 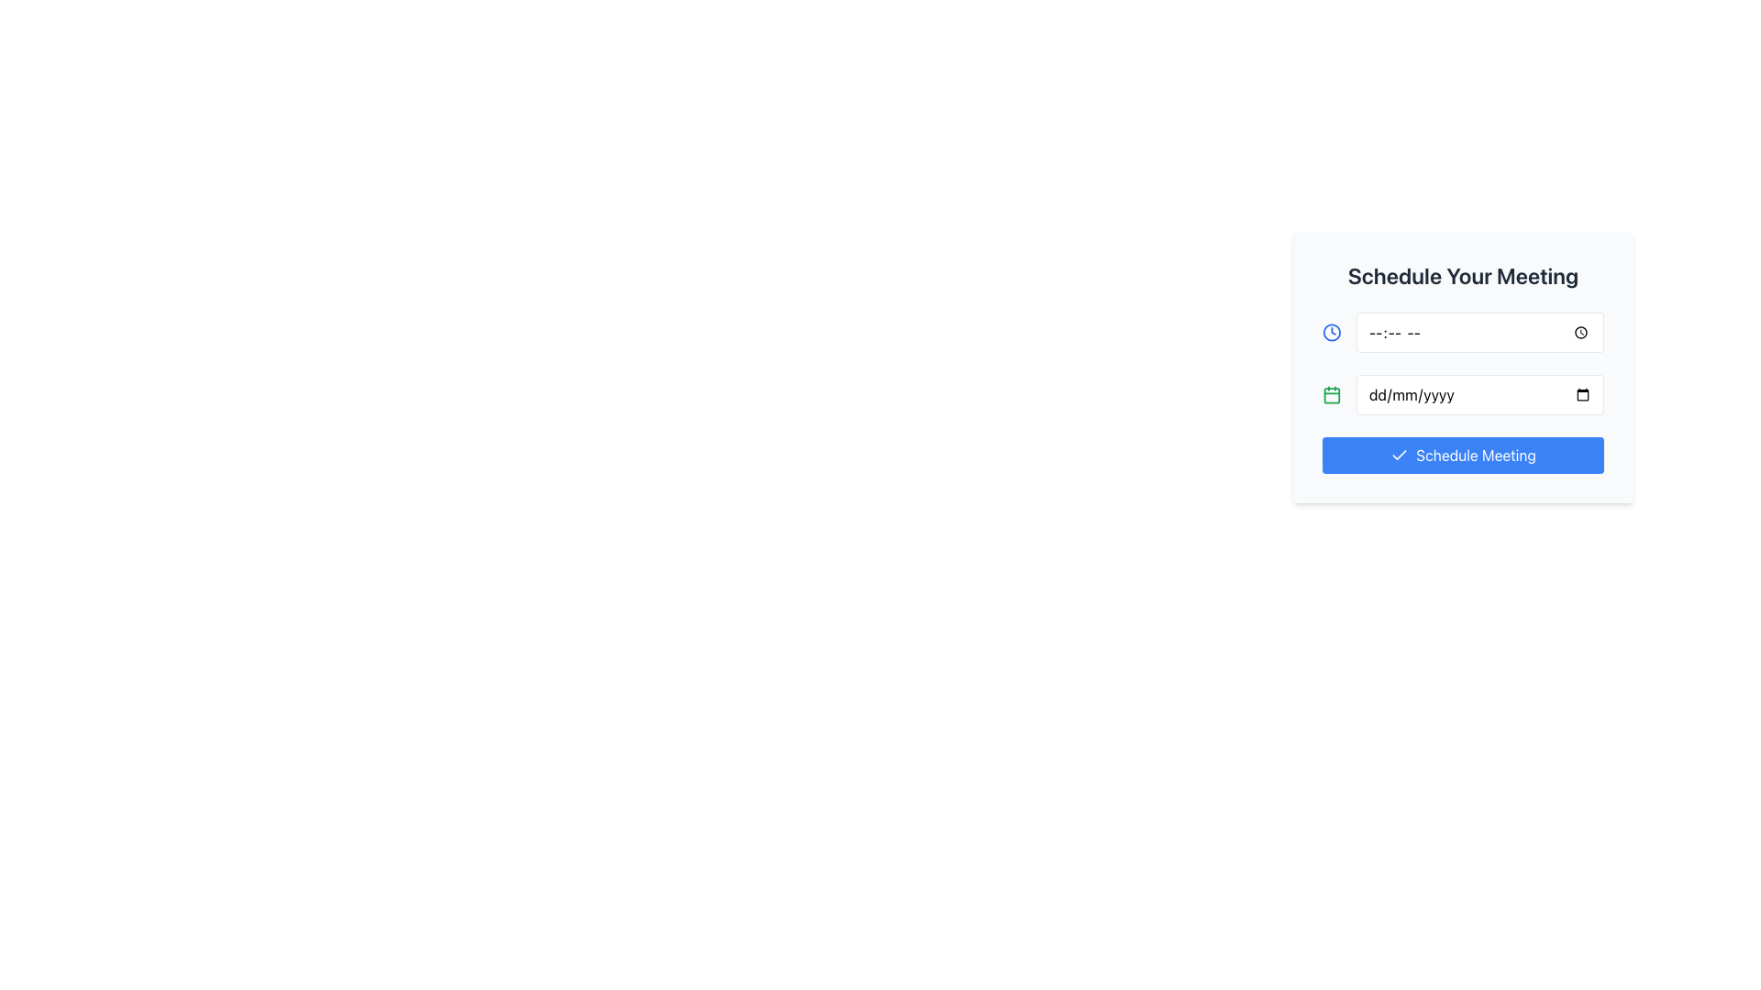 What do you see at coordinates (1462, 455) in the screenshot?
I see `the rectangular button with a blue background and white text reading 'Schedule Meeting', located within the 'Schedule Your Meeting' section` at bounding box center [1462, 455].